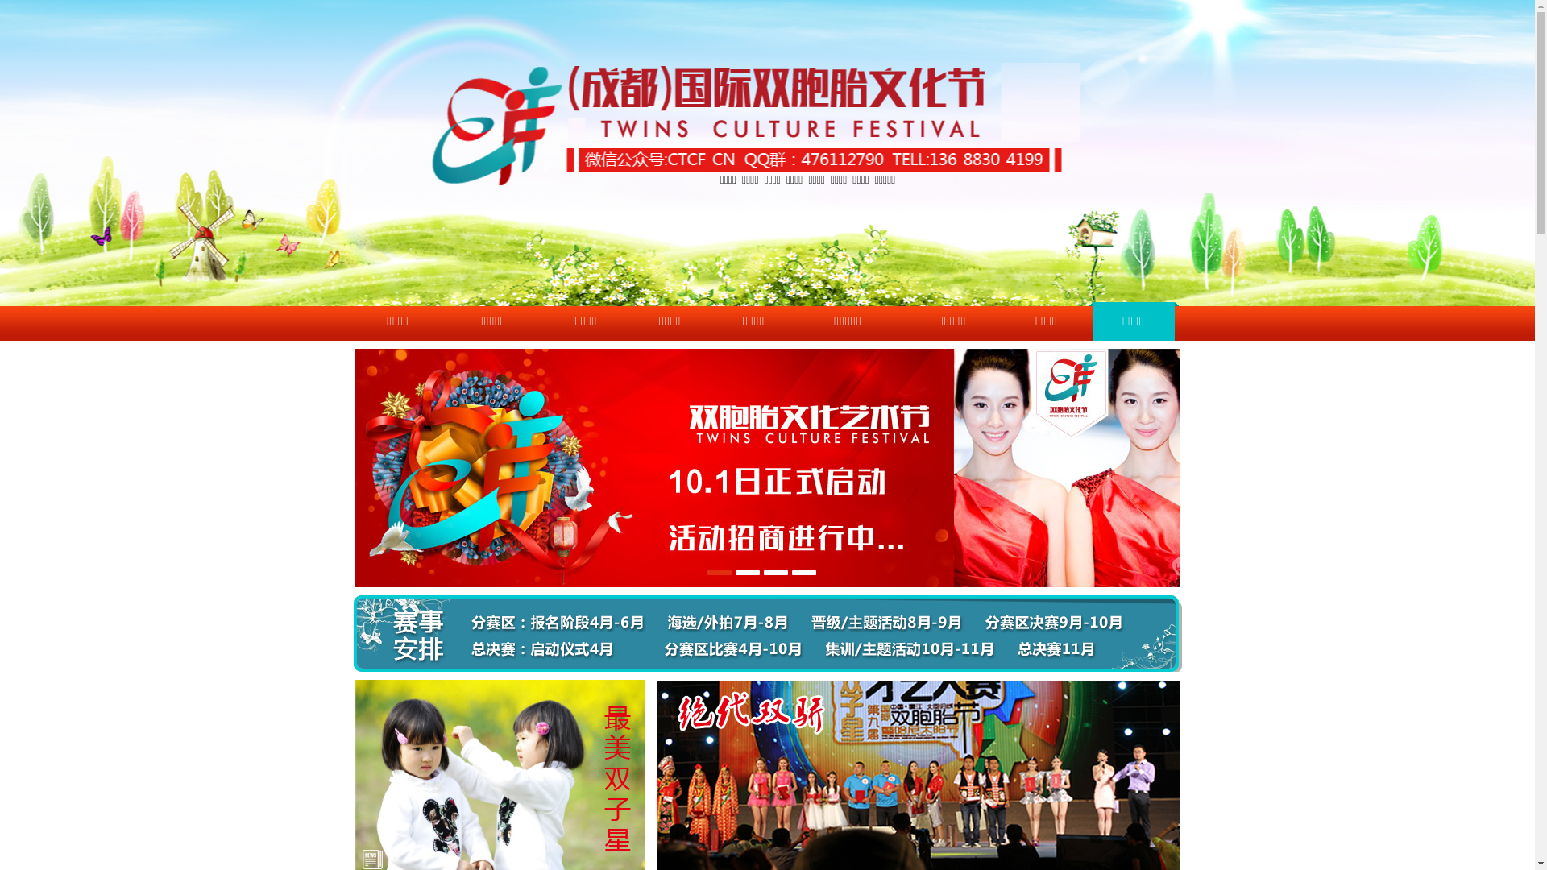  What do you see at coordinates (776, 571) in the screenshot?
I see `'3'` at bounding box center [776, 571].